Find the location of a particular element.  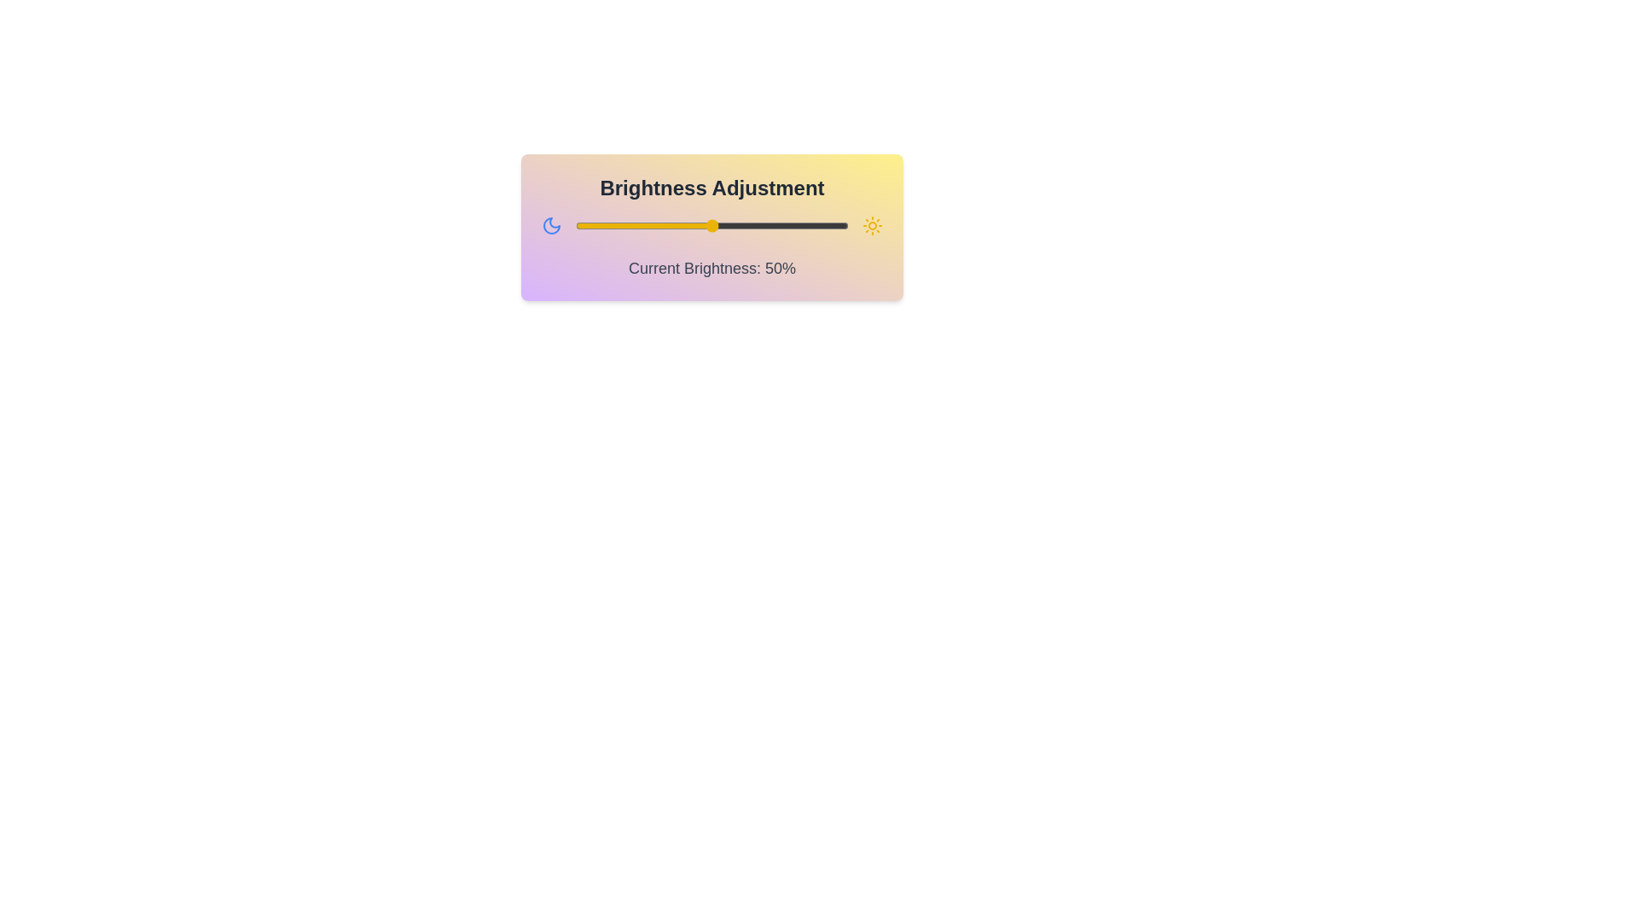

the brightness slider to 54% is located at coordinates (723, 225).